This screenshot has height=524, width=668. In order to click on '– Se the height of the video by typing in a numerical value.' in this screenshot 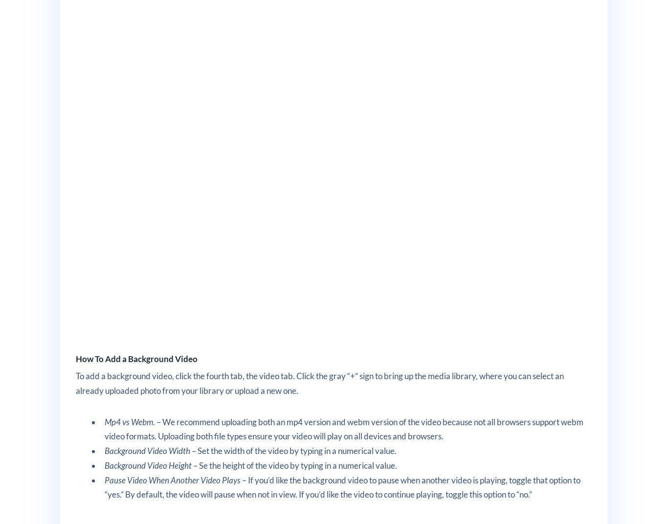, I will do `click(191, 464)`.